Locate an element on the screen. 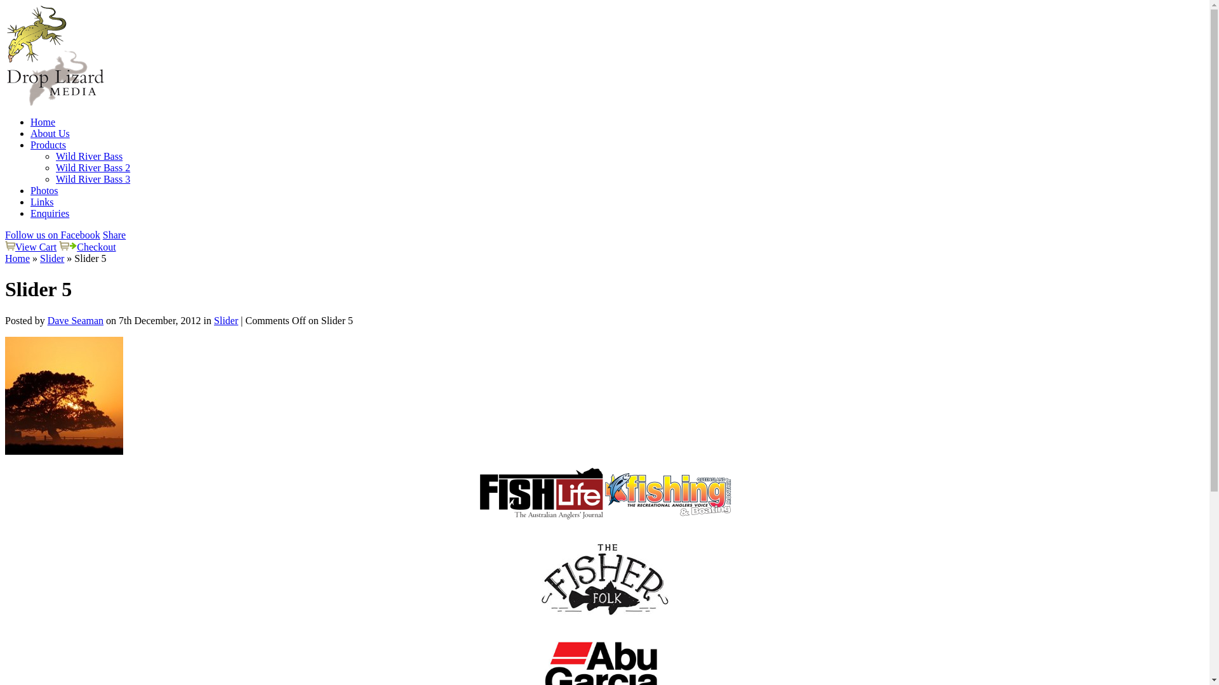 The width and height of the screenshot is (1219, 685). 'Dave Seaman' is located at coordinates (75, 320).